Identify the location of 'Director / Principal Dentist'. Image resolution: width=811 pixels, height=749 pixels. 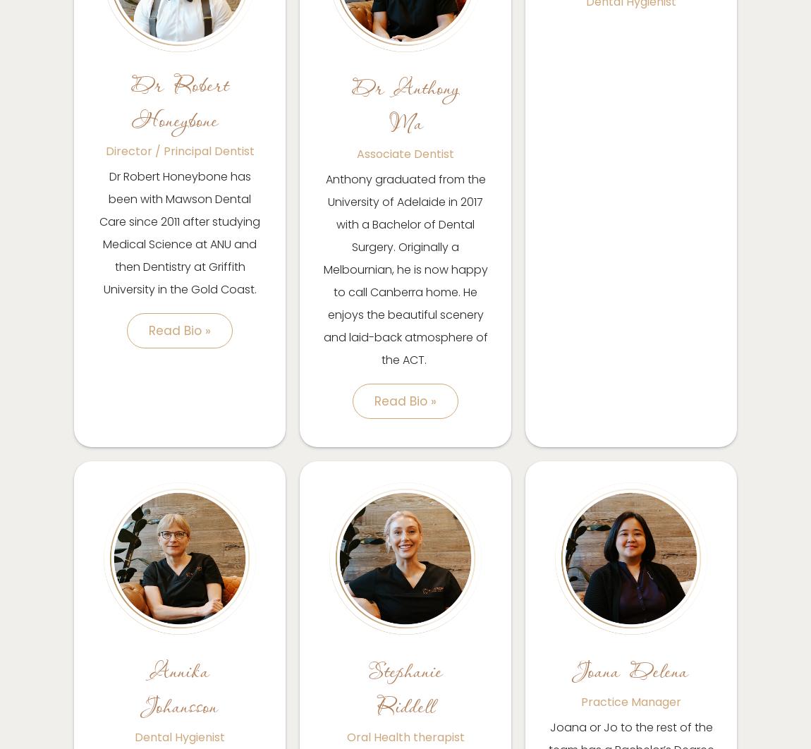
(104, 151).